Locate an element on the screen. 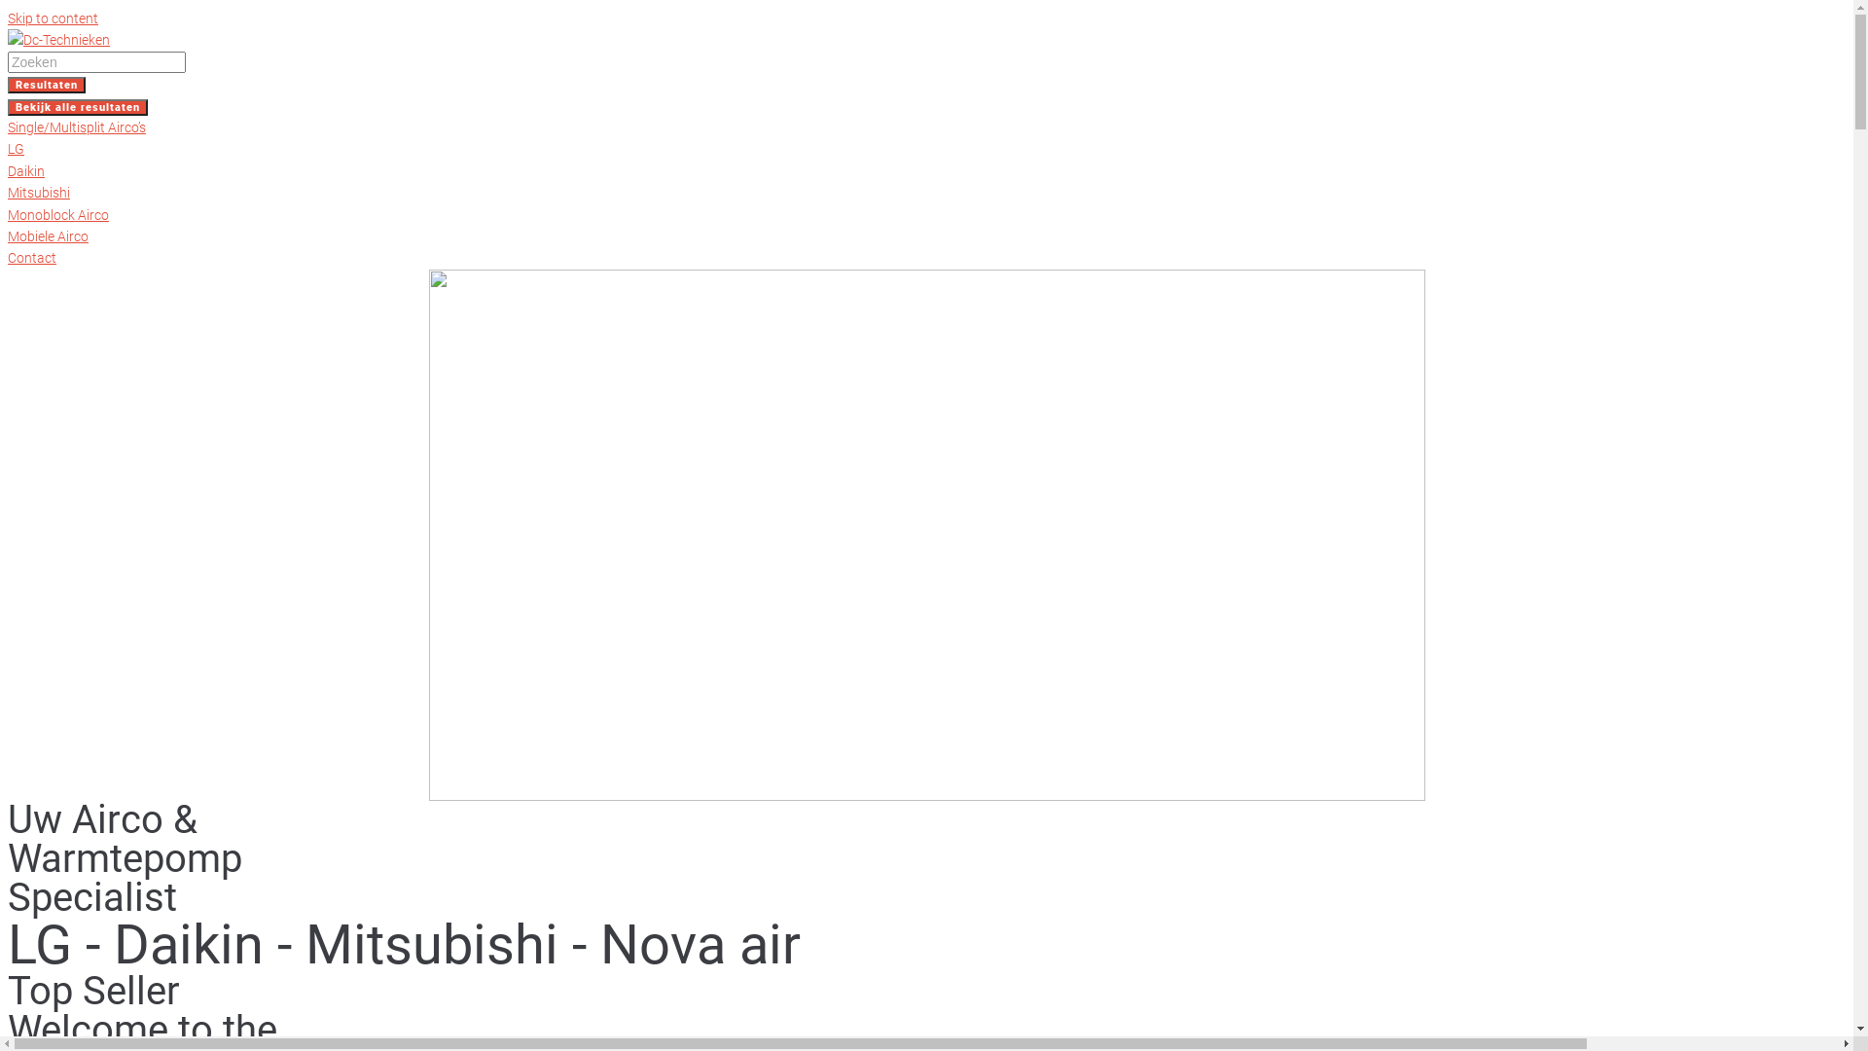  'Daikin' is located at coordinates (8, 170).